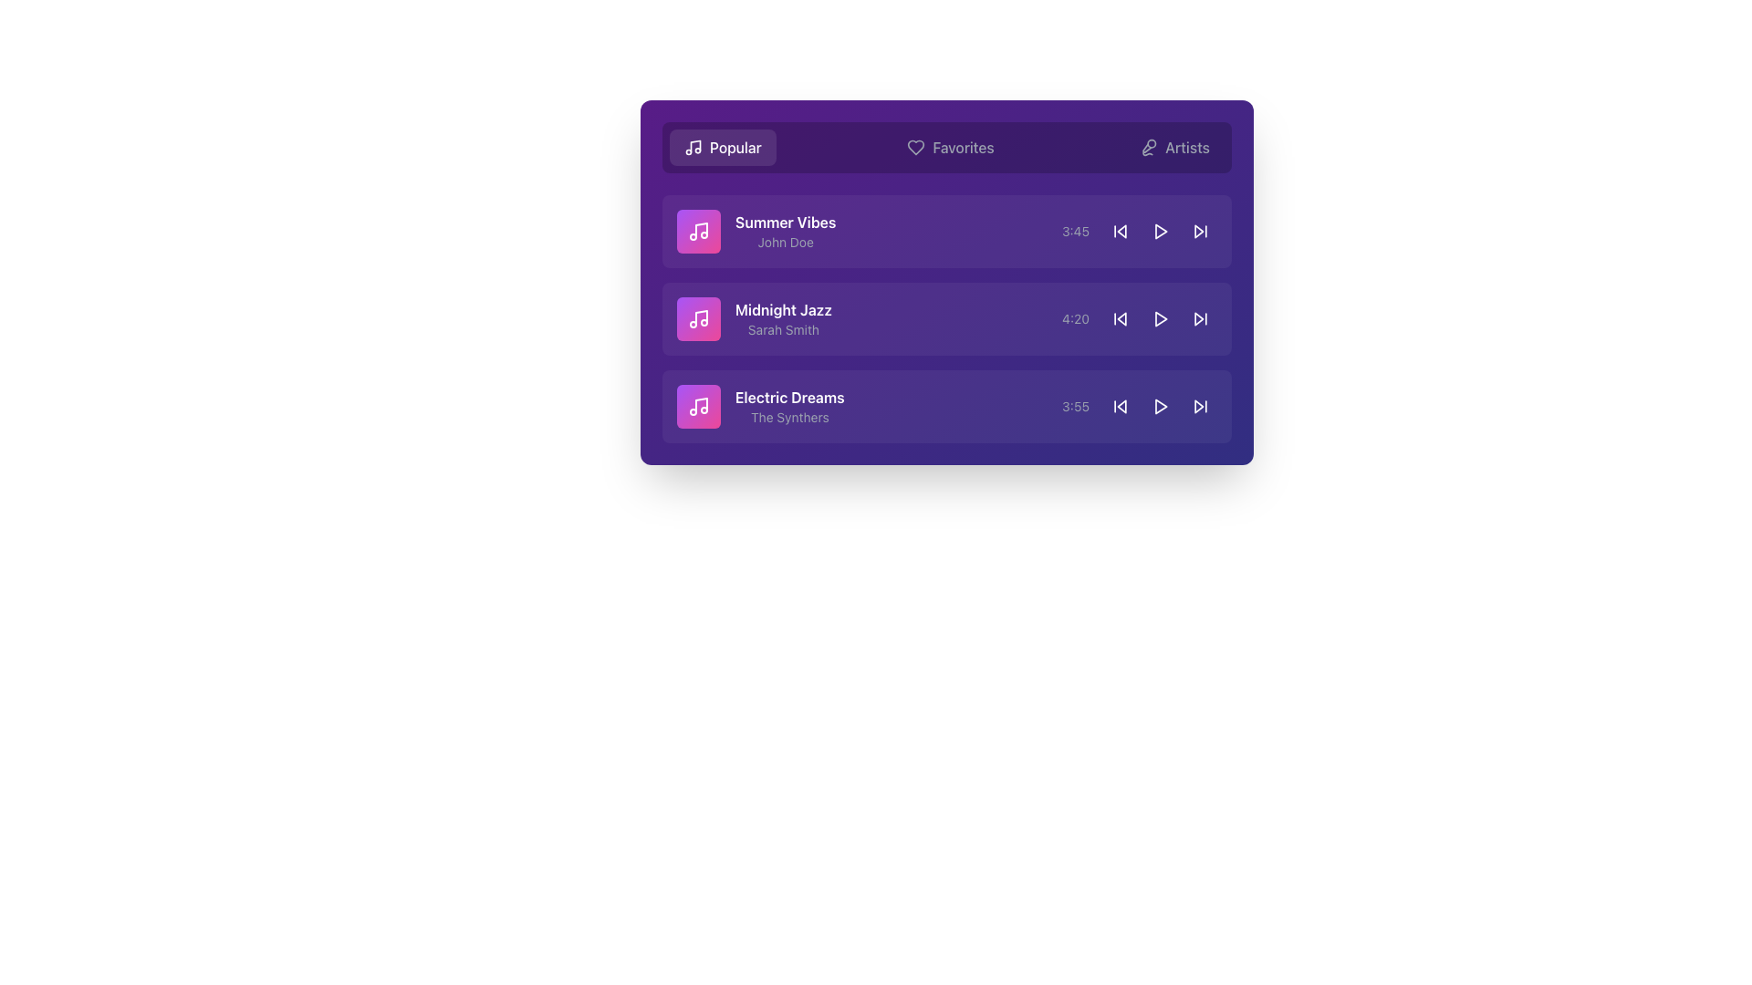 Image resolution: width=1752 pixels, height=985 pixels. Describe the element at coordinates (1160, 231) in the screenshot. I see `the playback button located to the right of the first audio entry to initiate playback` at that location.